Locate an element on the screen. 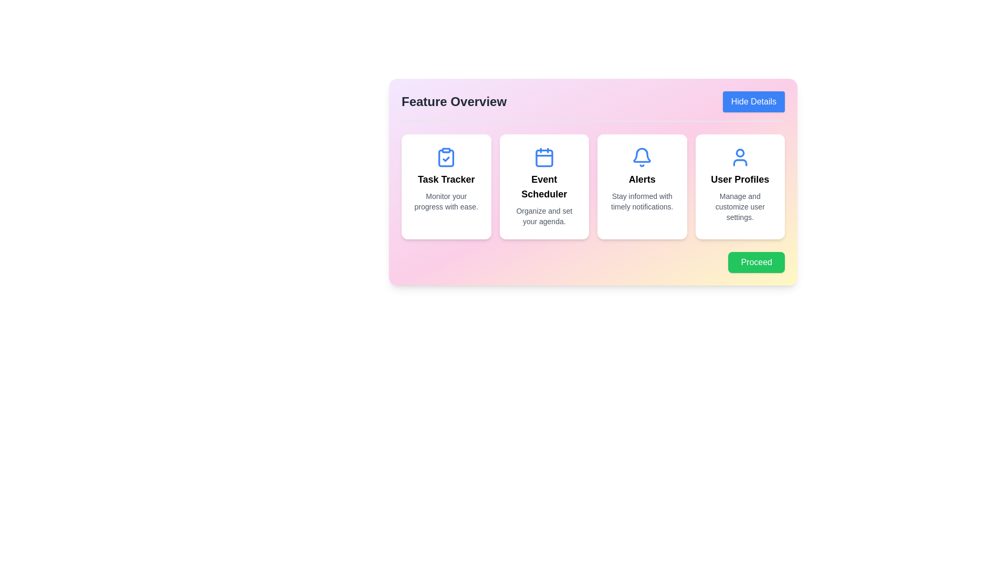  the blue calendar icon at the top of the 'Event Scheduler' card, which has a rounded rectangle outline and resembles a binding is located at coordinates (544, 157).